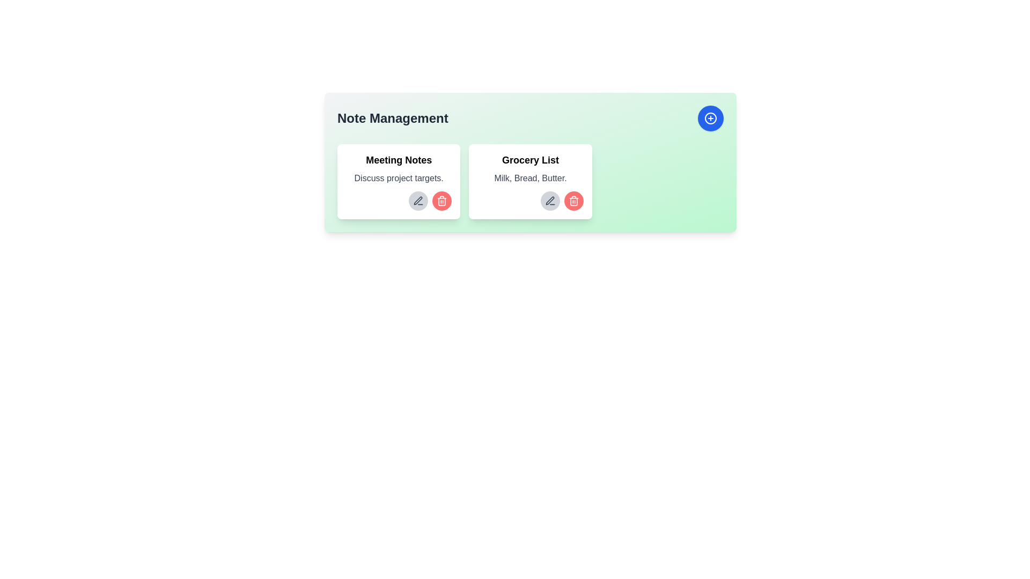  I want to click on the red trash bin icon located at the bottom-right corner of the 'Grocery List' card, so click(573, 201).